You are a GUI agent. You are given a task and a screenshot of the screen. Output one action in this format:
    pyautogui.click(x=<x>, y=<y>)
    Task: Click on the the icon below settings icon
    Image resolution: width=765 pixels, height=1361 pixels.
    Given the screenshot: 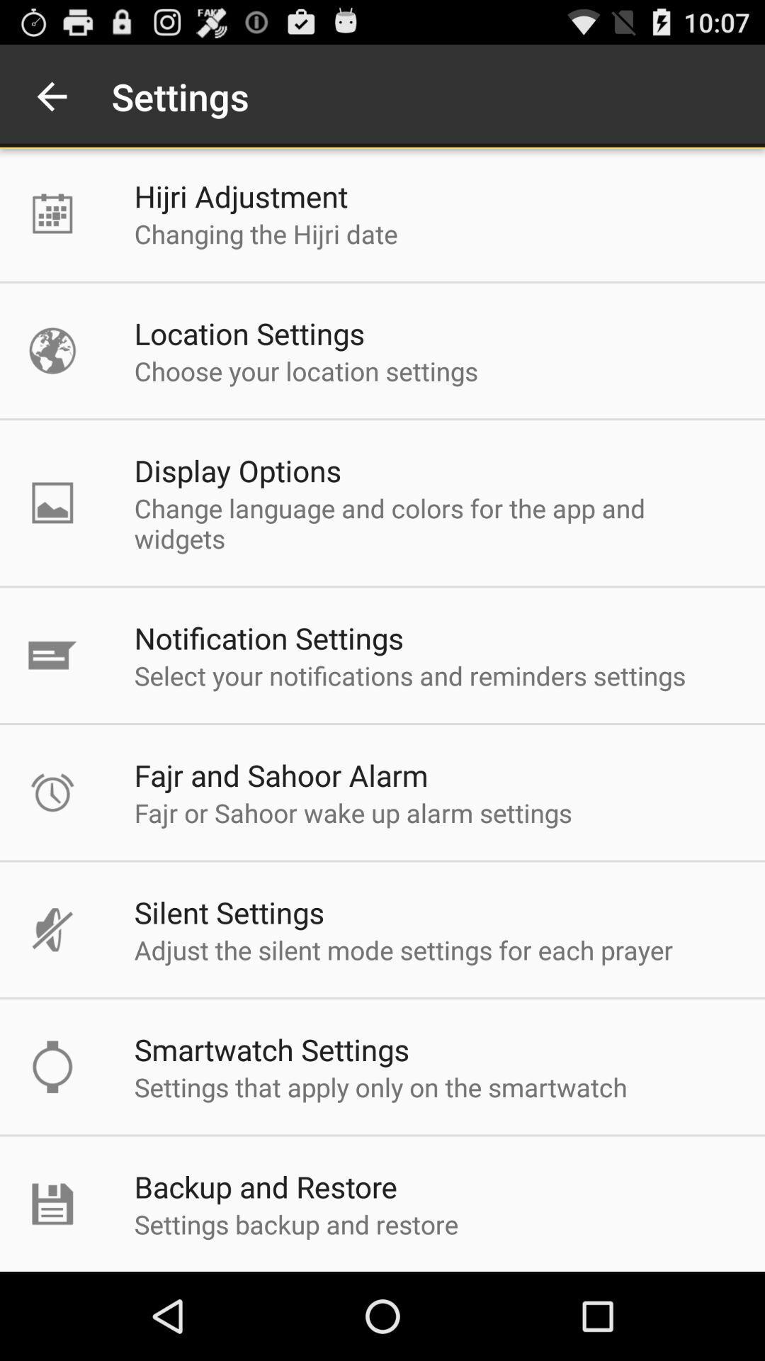 What is the action you would take?
    pyautogui.click(x=240, y=195)
    